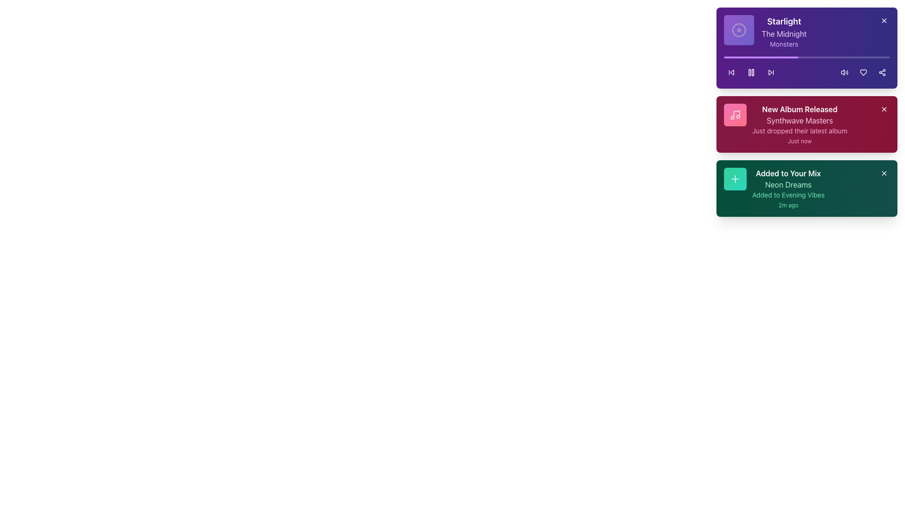  What do you see at coordinates (788, 185) in the screenshot?
I see `the text label that provides a title related to the notification content, located in the center of the green notification card, beneath 'Added to Your Mix' and above 'Added to Evening Vibes'` at bounding box center [788, 185].